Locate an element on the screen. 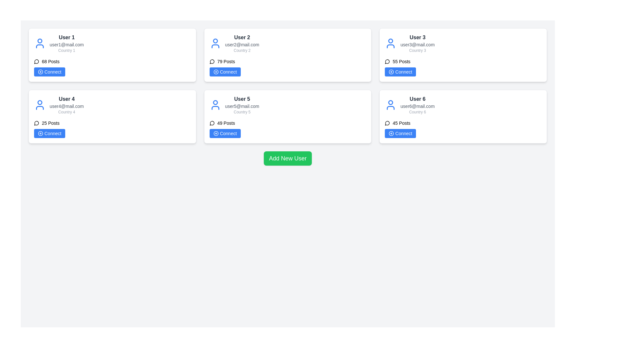  the 'Connect' button located under 'User 2' information in the top-center user card is located at coordinates (225, 72).